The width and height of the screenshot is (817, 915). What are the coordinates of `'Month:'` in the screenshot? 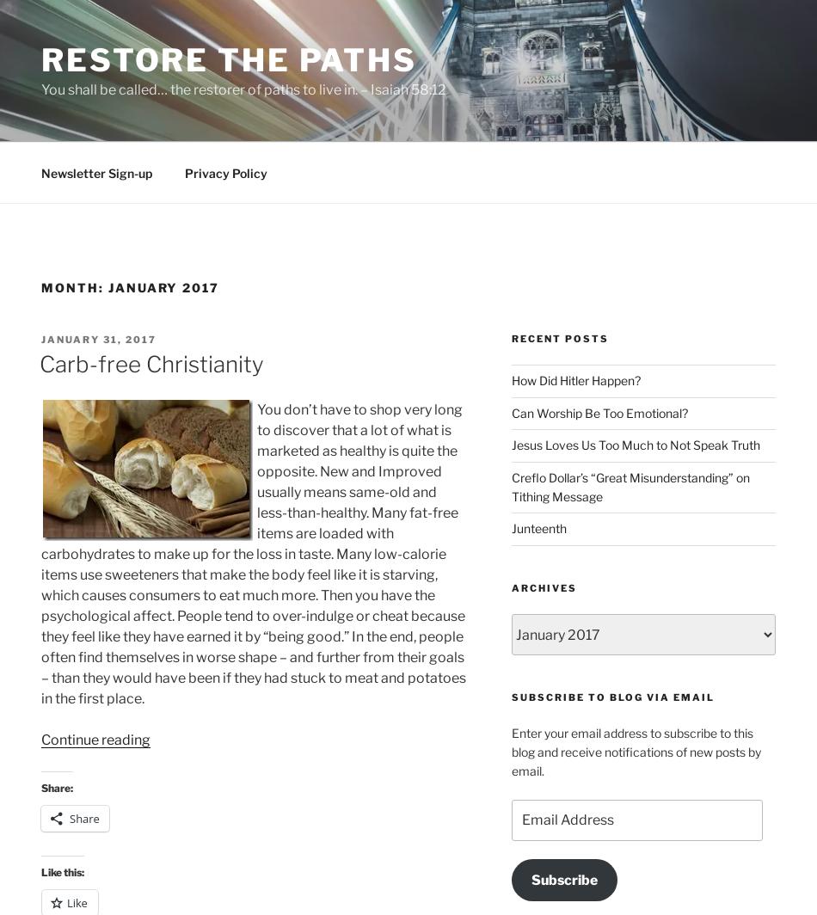 It's located at (74, 287).